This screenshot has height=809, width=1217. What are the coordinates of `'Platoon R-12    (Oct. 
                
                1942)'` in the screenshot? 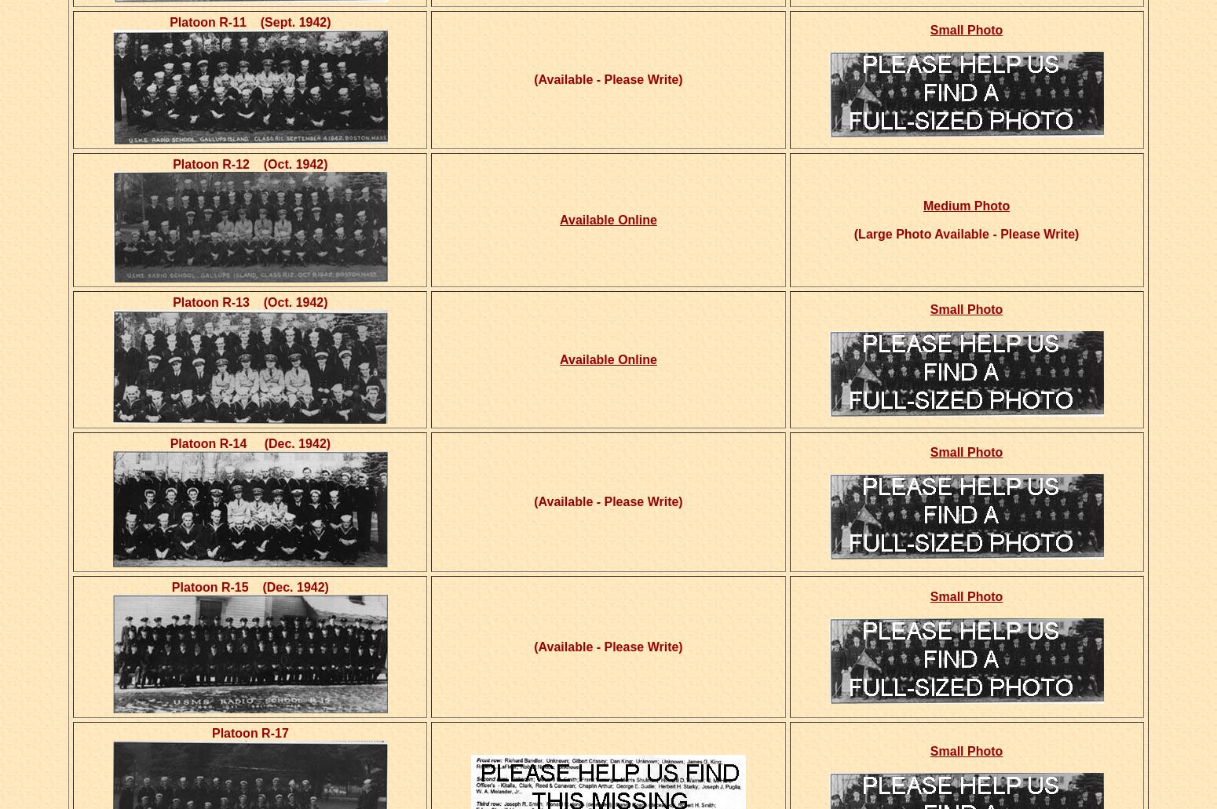 It's located at (249, 164).